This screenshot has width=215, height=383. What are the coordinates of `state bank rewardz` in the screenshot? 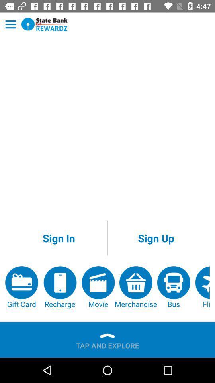 It's located at (45, 24).